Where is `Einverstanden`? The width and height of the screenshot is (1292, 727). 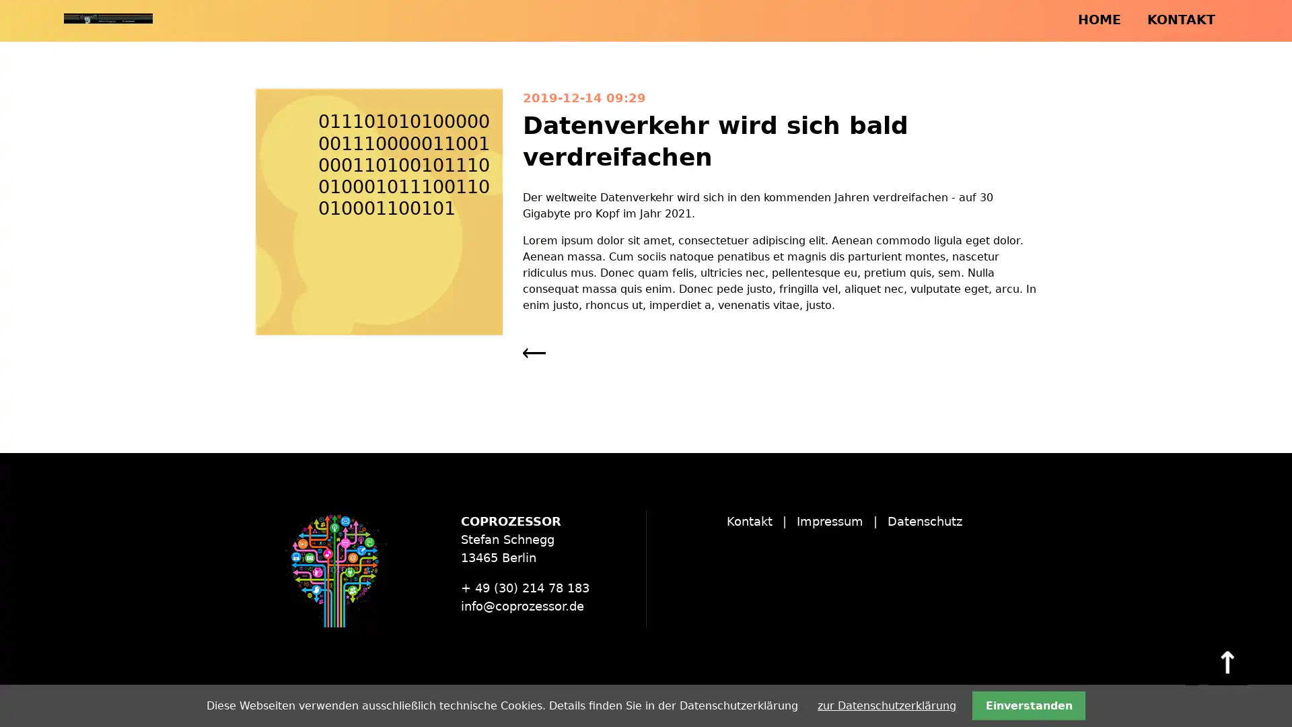
Einverstanden is located at coordinates (1028, 705).